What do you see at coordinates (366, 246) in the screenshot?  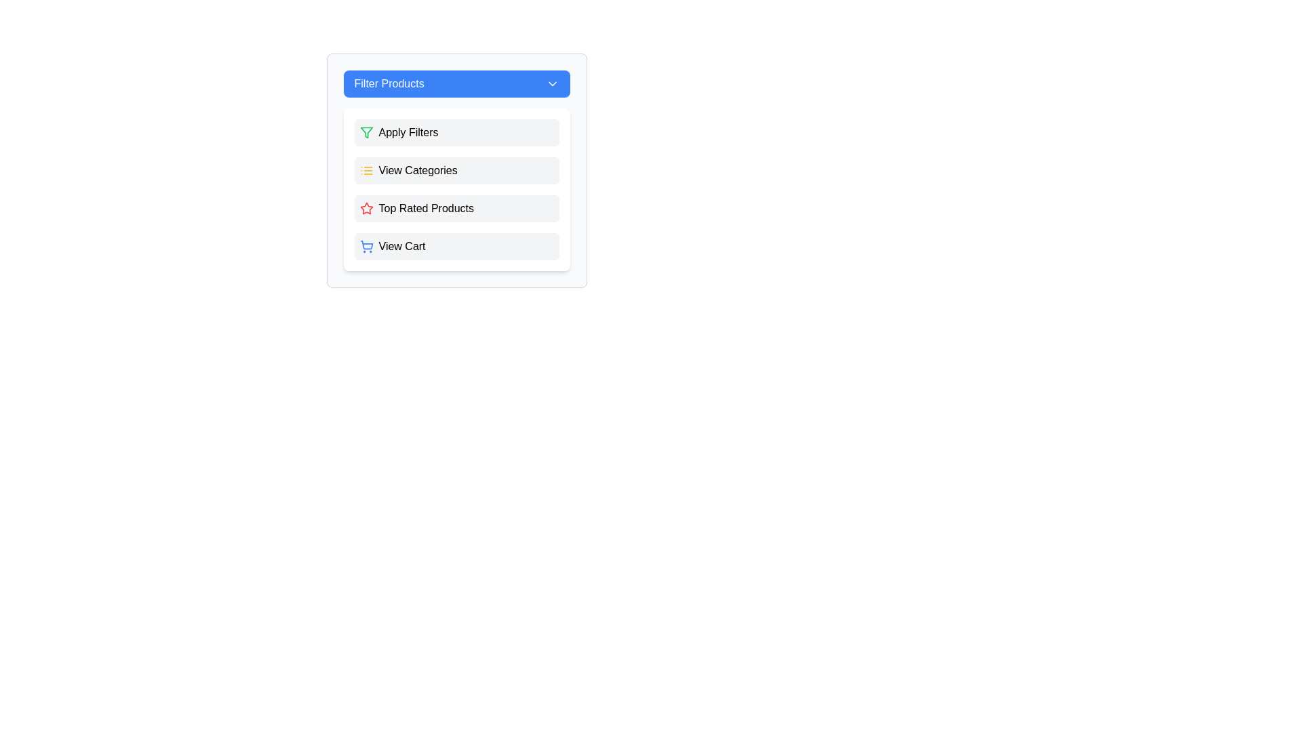 I see `the cart icon located to the left of the 'View Cart' text label in the fourth option of the vertical list under the 'Filter Products' section` at bounding box center [366, 246].